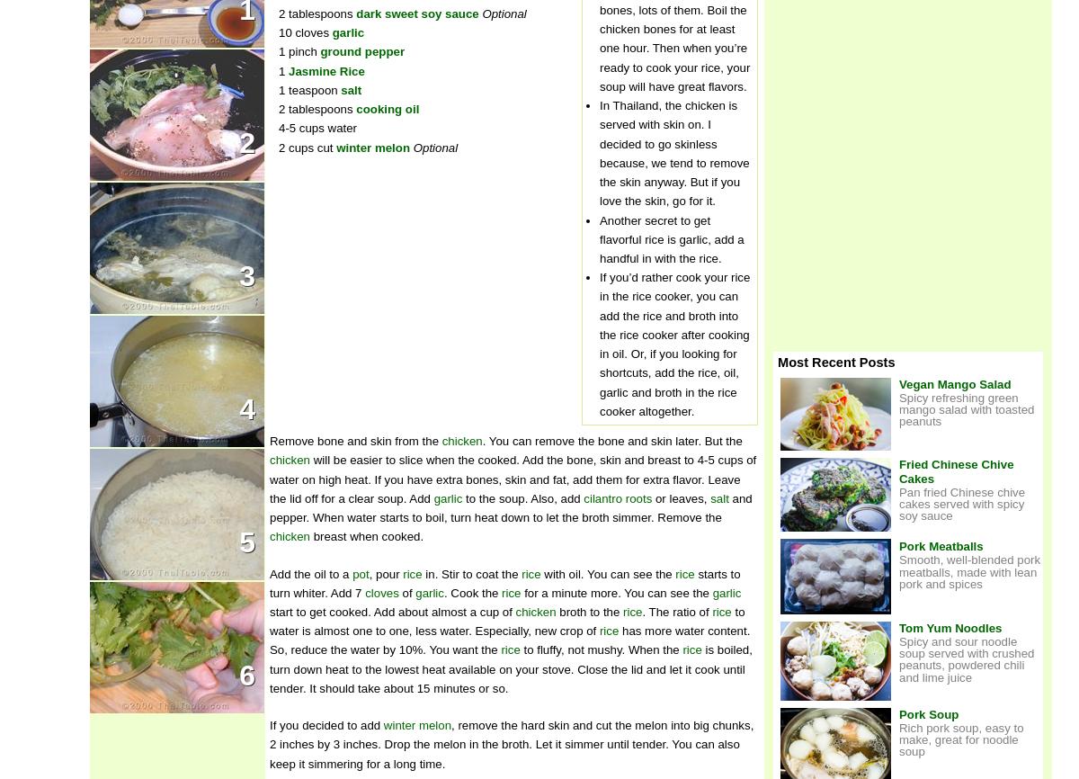 Image resolution: width=1079 pixels, height=779 pixels. I want to click on 'Vegan Mango Salad', so click(954, 382).